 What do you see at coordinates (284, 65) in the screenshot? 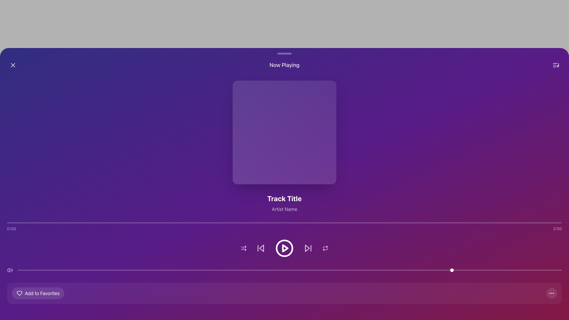
I see `the 'Now Playing' header label, which is a bold white text located at the top-center of the interface, between a close button and a menu icon` at bounding box center [284, 65].